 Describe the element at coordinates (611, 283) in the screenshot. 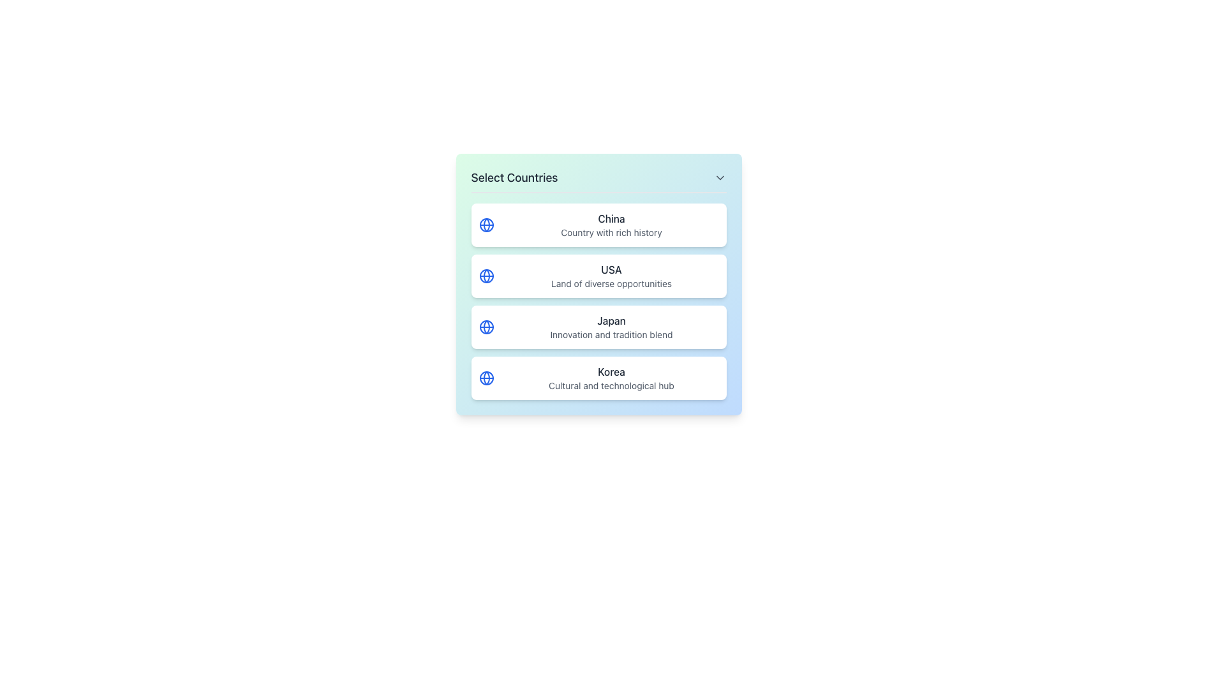

I see `the text label that reads 'Land of diverse opportunities', located below the title 'USA' in the country details section` at that location.